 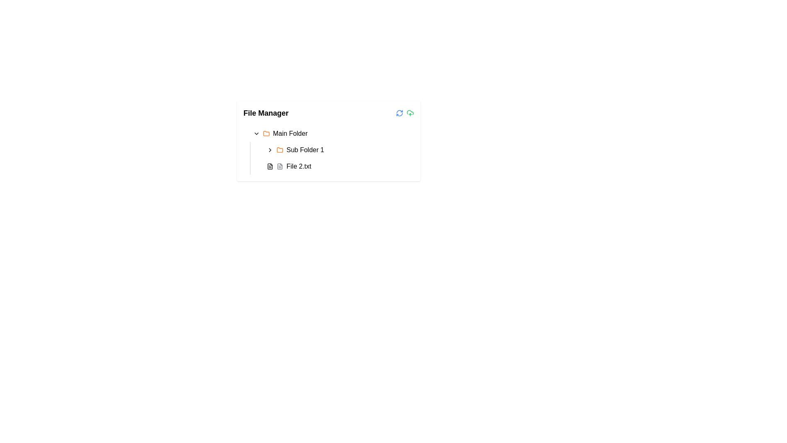 I want to click on the 'Main Folder' icon located, so click(x=266, y=133).